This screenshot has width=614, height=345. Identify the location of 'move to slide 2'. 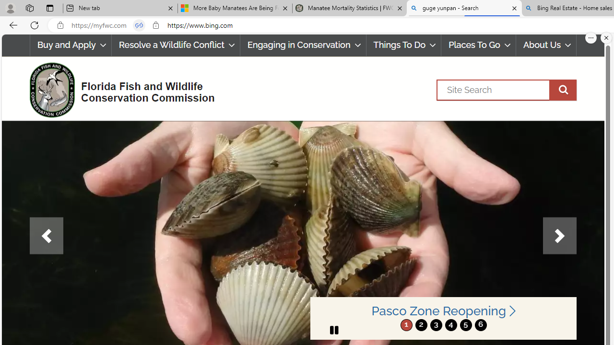
(421, 324).